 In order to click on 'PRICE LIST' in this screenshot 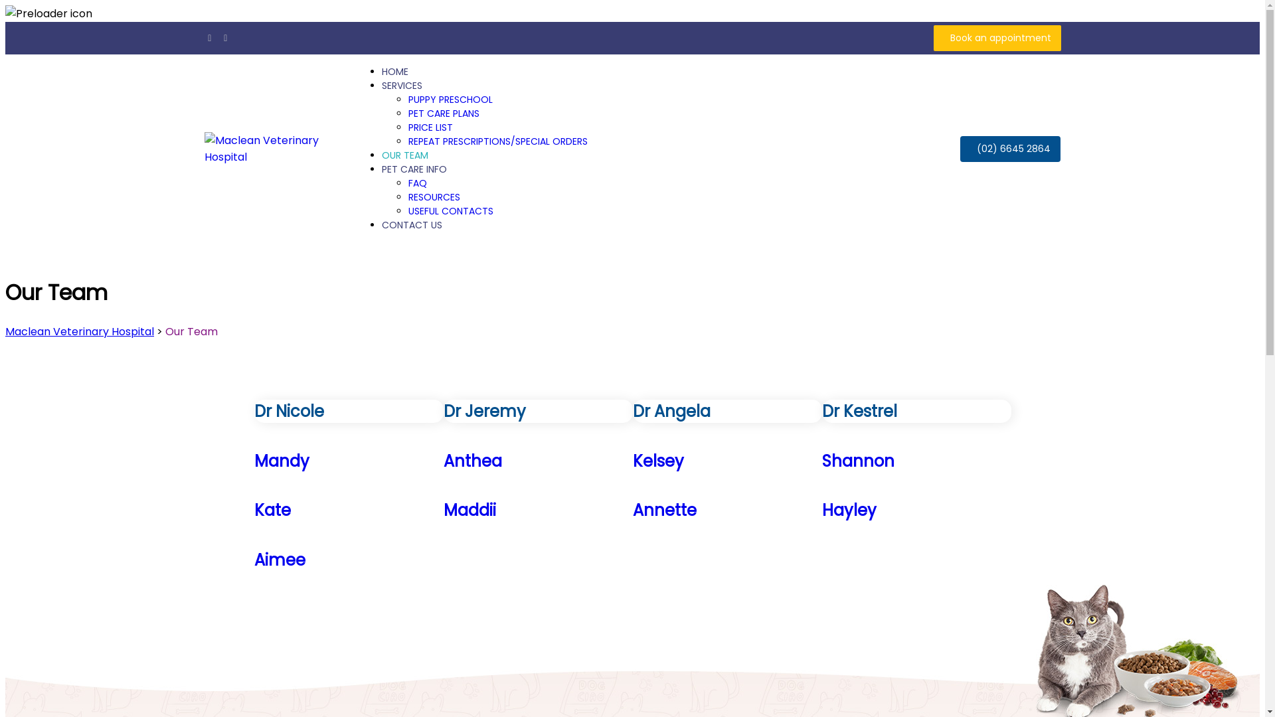, I will do `click(430, 127)`.